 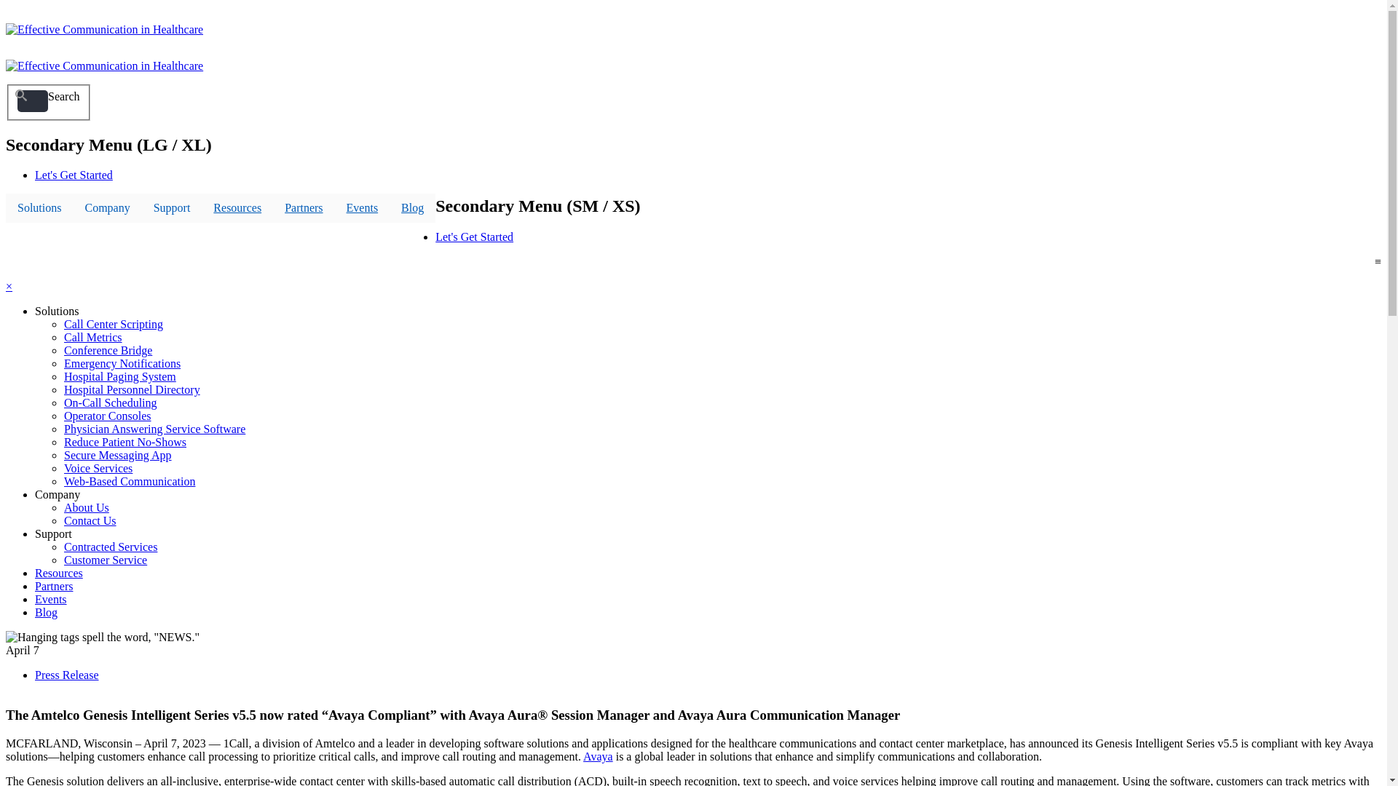 What do you see at coordinates (35, 612) in the screenshot?
I see `'Blog'` at bounding box center [35, 612].